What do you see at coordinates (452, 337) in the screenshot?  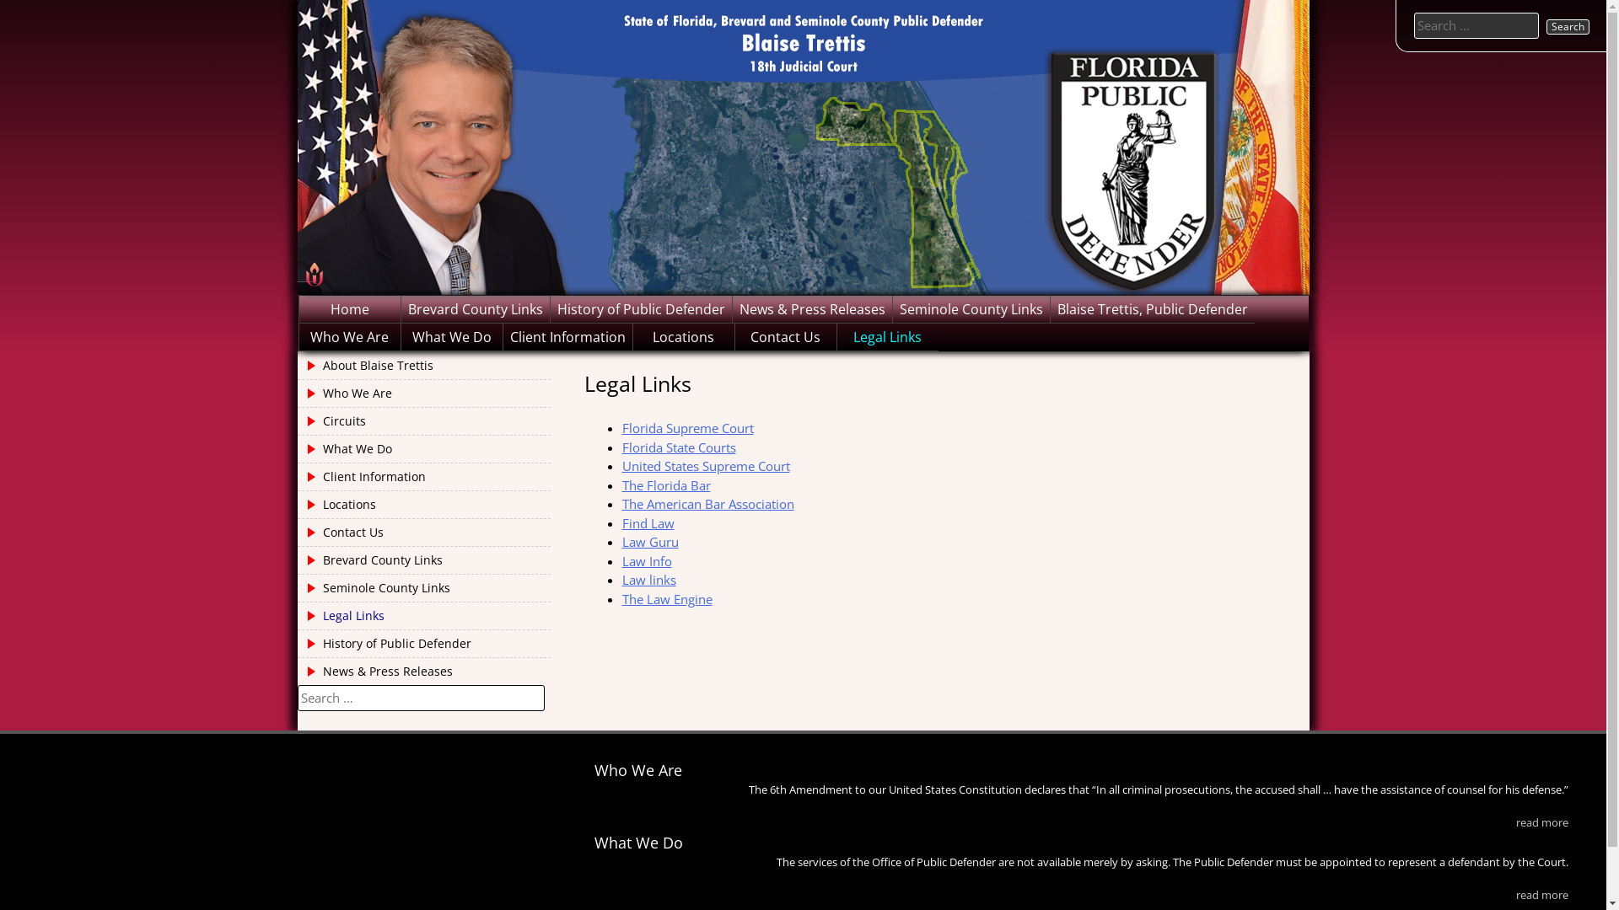 I see `'What We Do'` at bounding box center [452, 337].